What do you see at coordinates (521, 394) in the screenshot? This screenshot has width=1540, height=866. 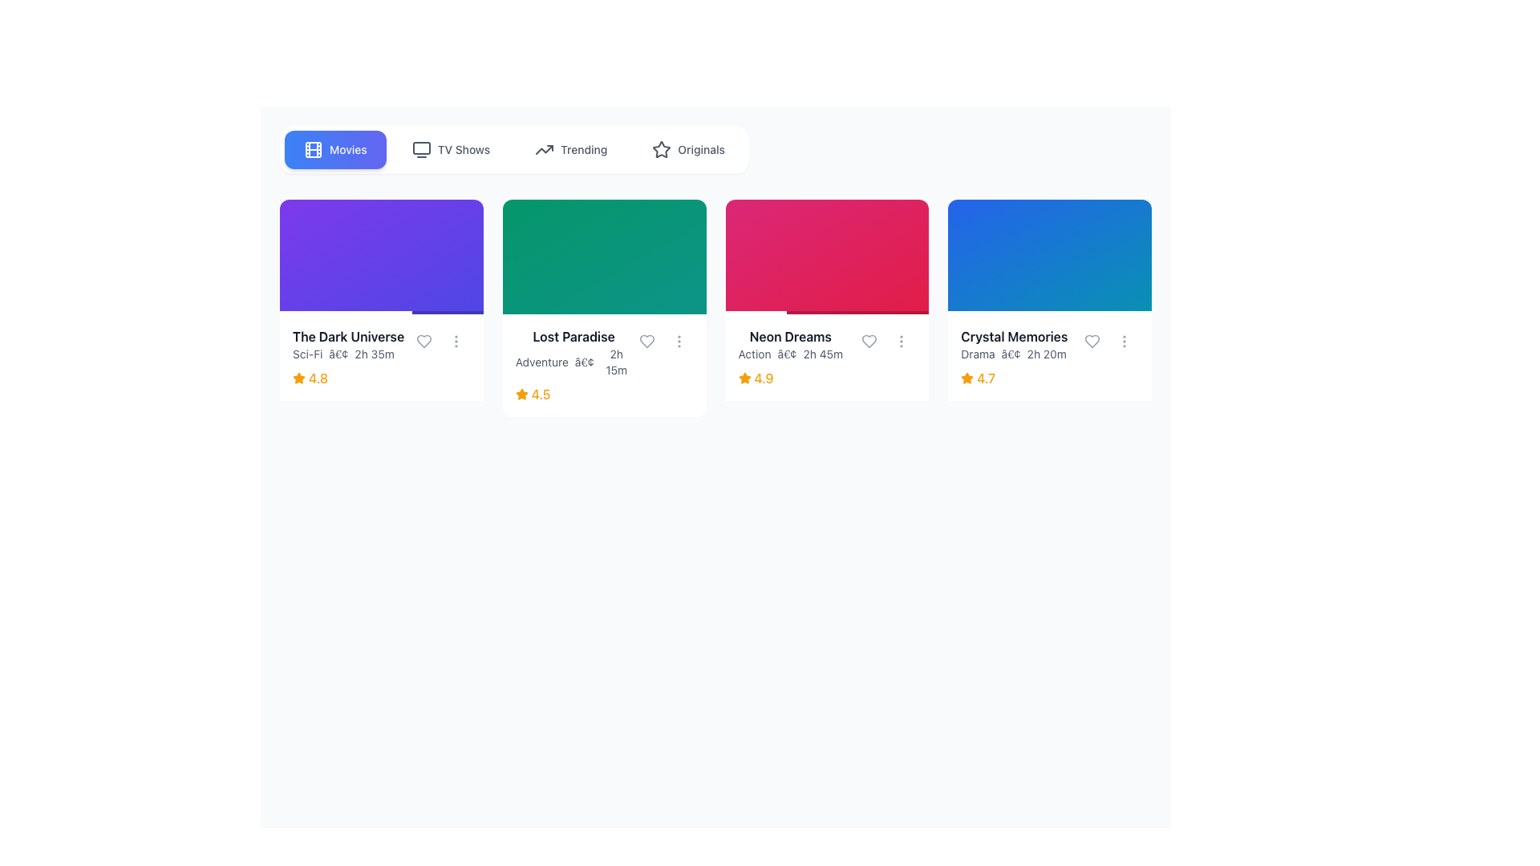 I see `the star icon representing the rating of the second movie card in the grid, located next to the rating '4.5'` at bounding box center [521, 394].